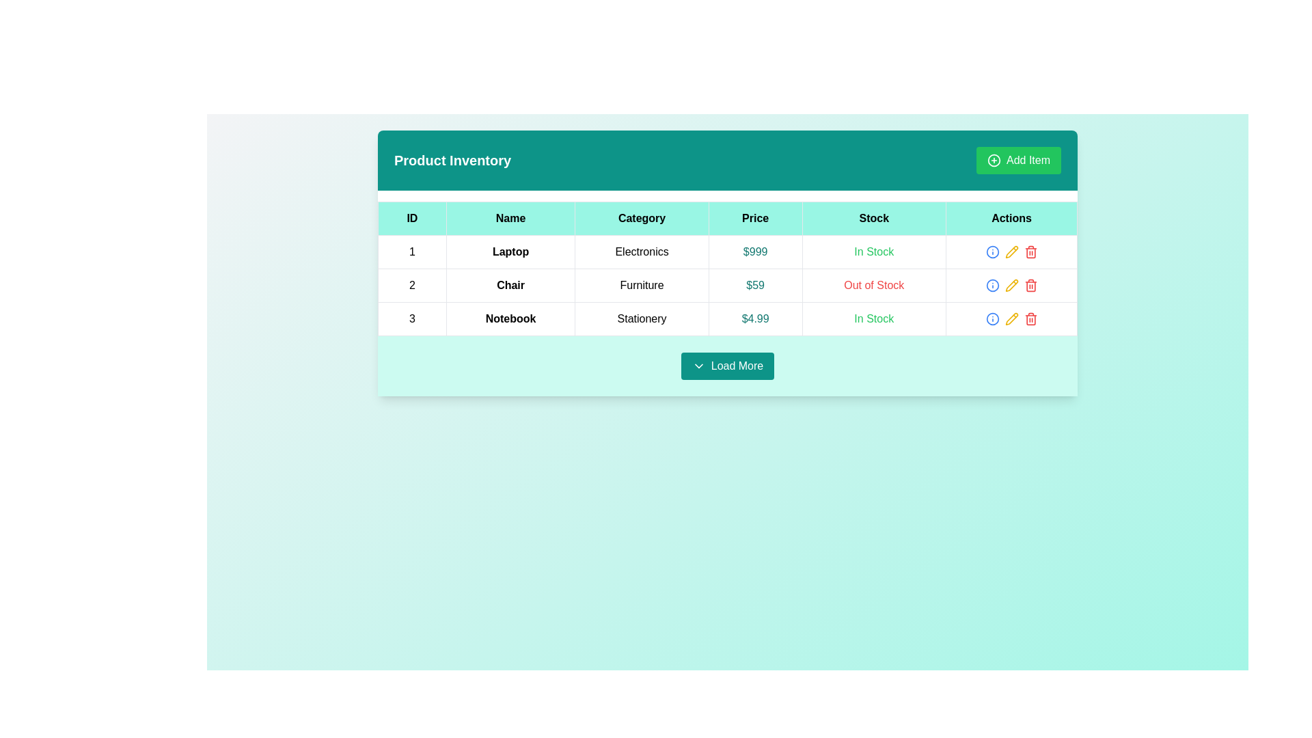 Image resolution: width=1312 pixels, height=738 pixels. What do you see at coordinates (641, 252) in the screenshot?
I see `text from the 'Category' label indicating the category of the item 'Laptop', which is positioned between the 'Laptop' name and the '$999' price` at bounding box center [641, 252].